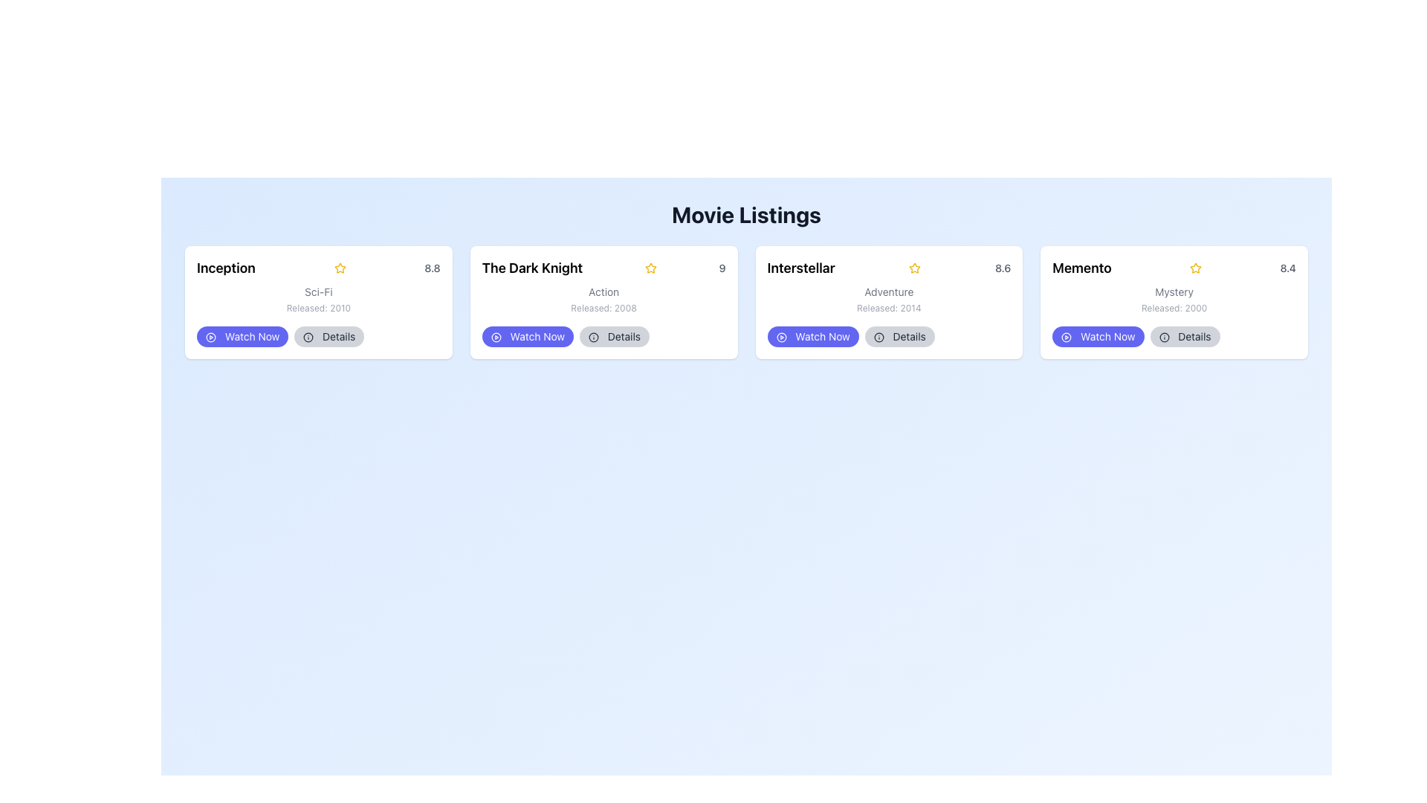 This screenshot has width=1427, height=803. What do you see at coordinates (339, 268) in the screenshot?
I see `the star-shaped yellow icon with a bold outline located in the top-right section of the movie card for 'The Dark Knight', near the movie title and rating value` at bounding box center [339, 268].